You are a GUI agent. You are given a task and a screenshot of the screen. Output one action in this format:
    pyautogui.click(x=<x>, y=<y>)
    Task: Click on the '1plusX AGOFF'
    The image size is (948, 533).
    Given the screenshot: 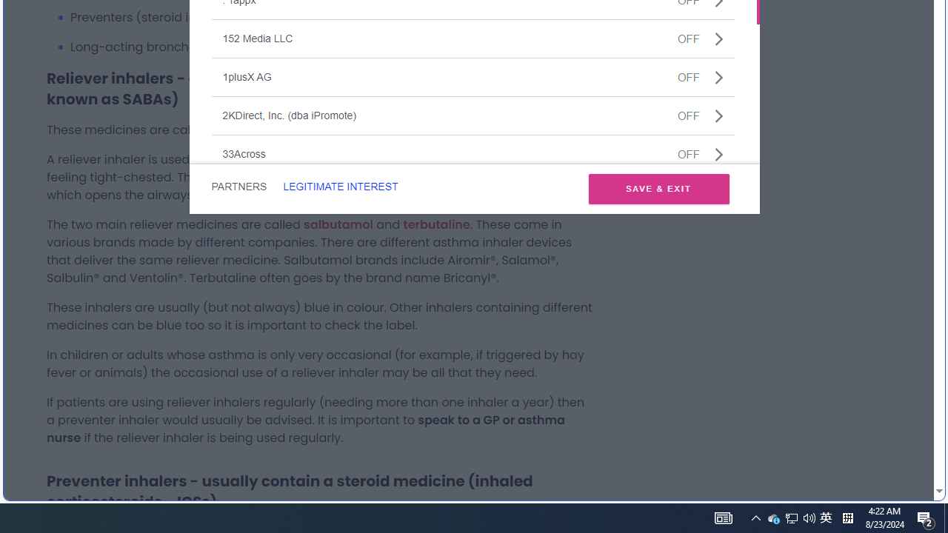 What is the action you would take?
    pyautogui.click(x=472, y=77)
    